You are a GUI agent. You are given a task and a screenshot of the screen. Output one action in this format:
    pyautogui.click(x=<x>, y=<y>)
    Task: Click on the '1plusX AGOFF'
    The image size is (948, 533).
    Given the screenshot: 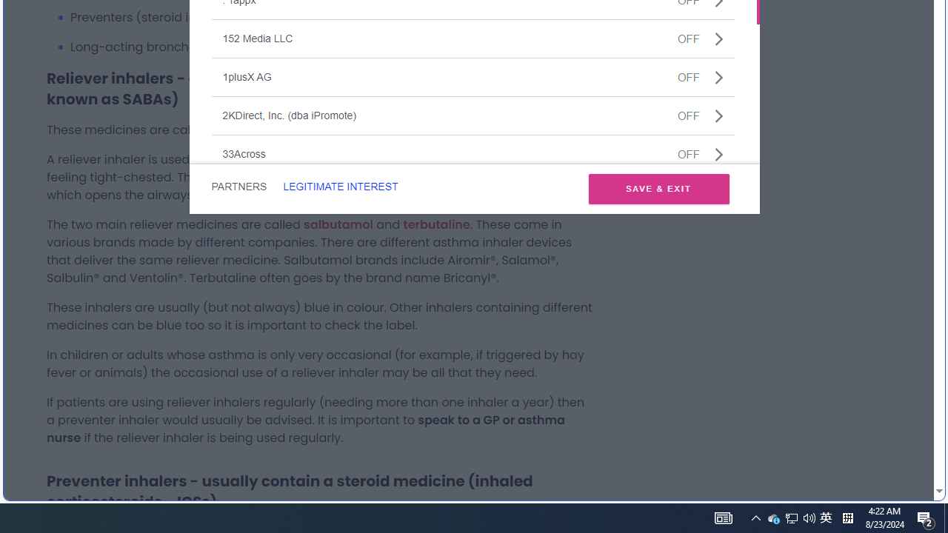 What is the action you would take?
    pyautogui.click(x=472, y=77)
    